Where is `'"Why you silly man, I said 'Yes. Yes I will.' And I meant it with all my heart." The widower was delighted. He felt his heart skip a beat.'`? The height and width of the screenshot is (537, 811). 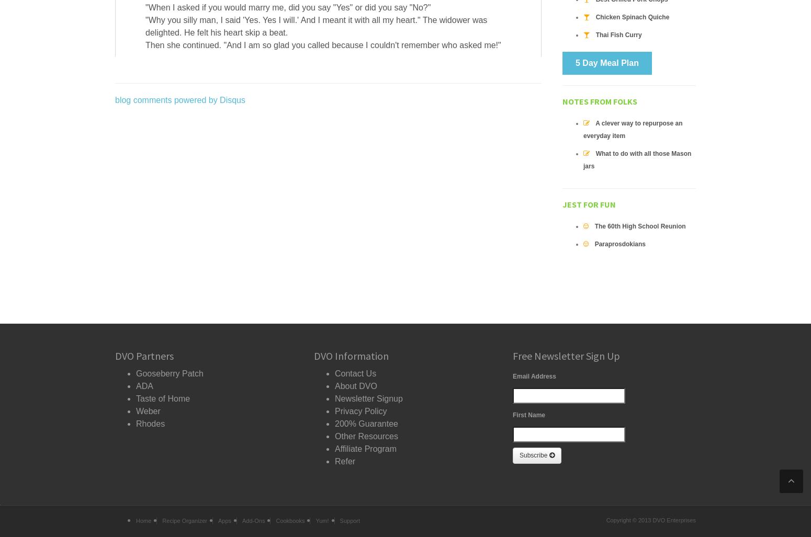 '"Why you silly man, I said 'Yes. Yes I will.' And I meant it with all my heart." The widower was delighted. He felt his heart skip a beat.' is located at coordinates (316, 26).